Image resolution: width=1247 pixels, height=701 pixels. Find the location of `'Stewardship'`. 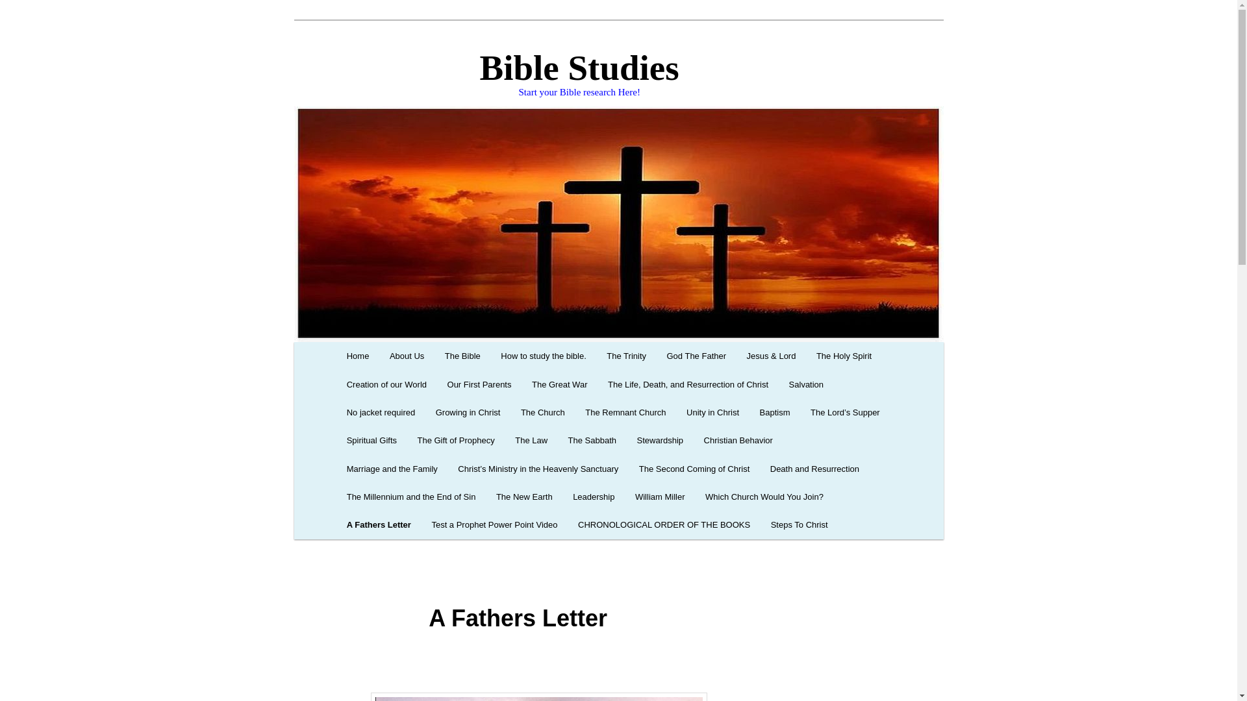

'Stewardship' is located at coordinates (660, 439).